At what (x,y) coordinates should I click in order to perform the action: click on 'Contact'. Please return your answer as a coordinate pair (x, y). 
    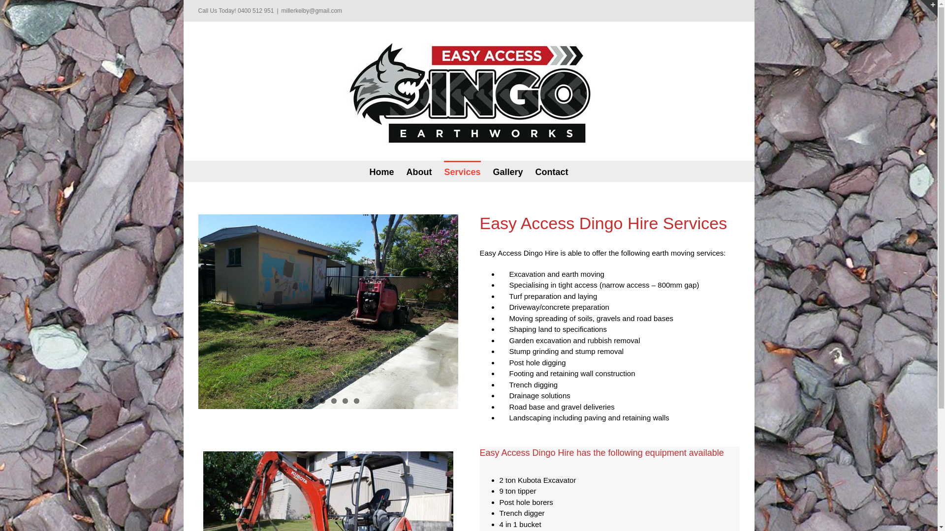
    Looking at the image, I should click on (552, 171).